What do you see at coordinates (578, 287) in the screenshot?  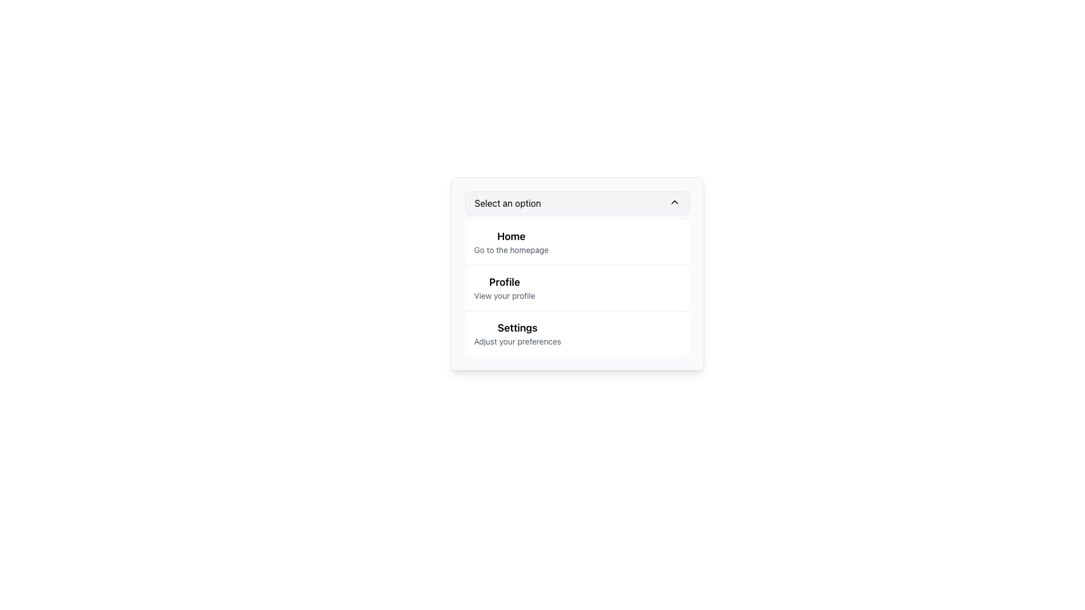 I see `the 'Profile' menu item in the vertical list of options` at bounding box center [578, 287].